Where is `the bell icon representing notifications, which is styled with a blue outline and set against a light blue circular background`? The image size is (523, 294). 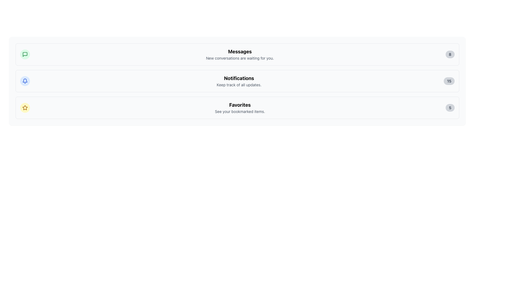 the bell icon representing notifications, which is styled with a blue outline and set against a light blue circular background is located at coordinates (25, 81).